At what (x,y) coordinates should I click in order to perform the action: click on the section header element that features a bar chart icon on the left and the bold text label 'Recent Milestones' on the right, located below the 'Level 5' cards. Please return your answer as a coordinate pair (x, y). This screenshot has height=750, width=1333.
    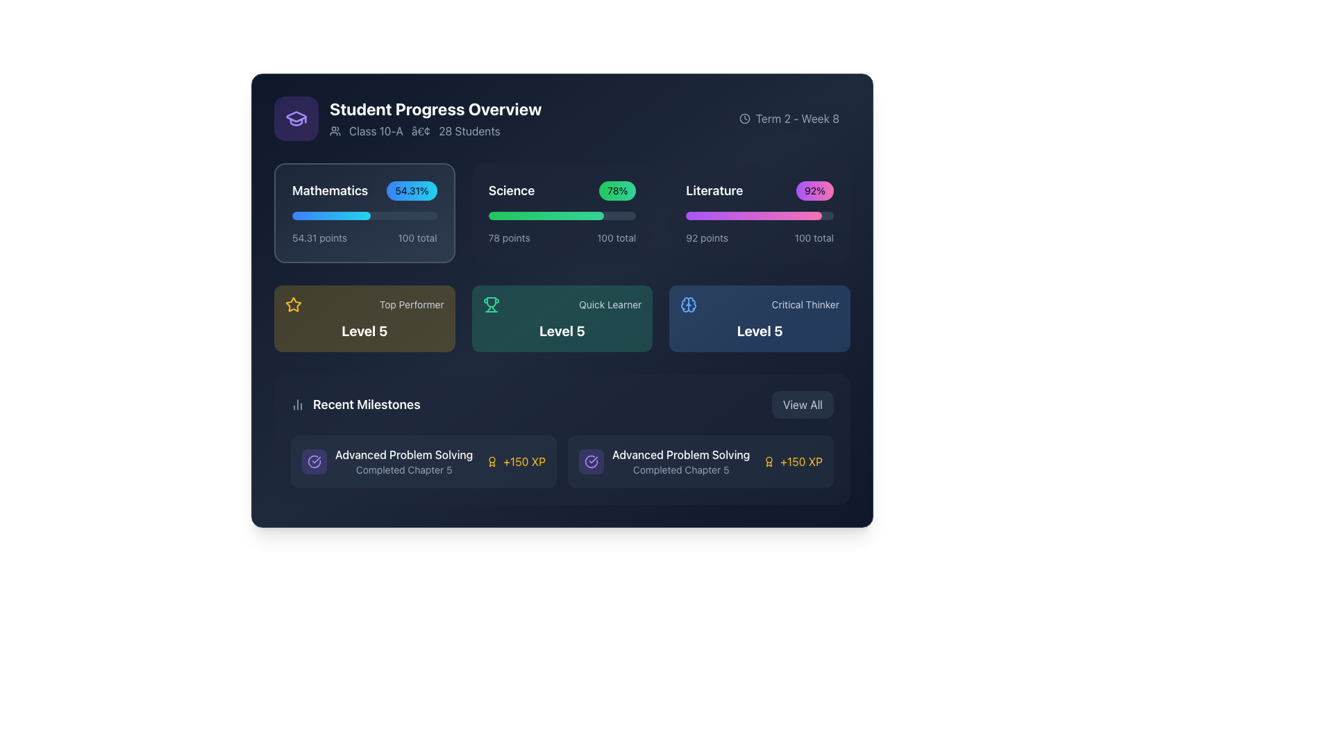
    Looking at the image, I should click on (355, 404).